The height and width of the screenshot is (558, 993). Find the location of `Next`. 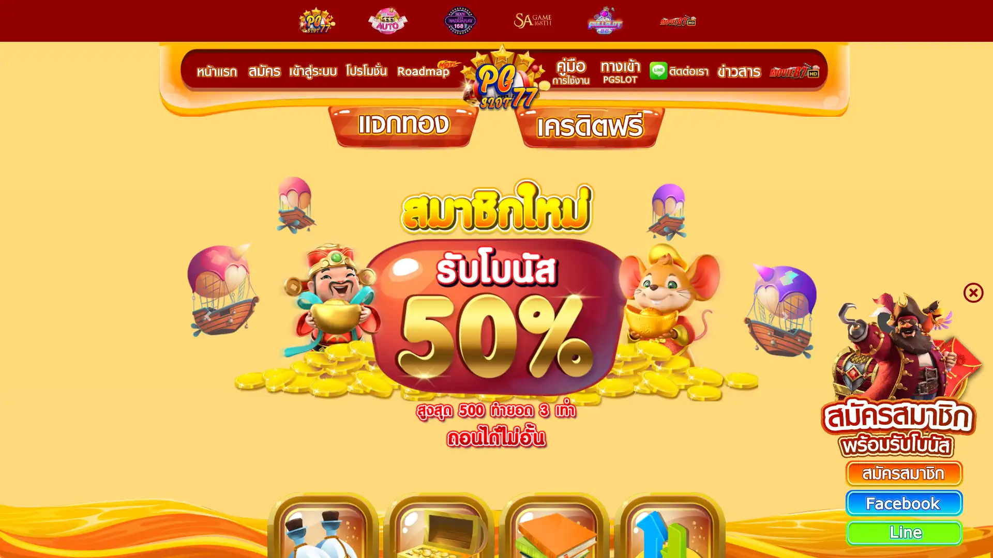

Next is located at coordinates (785, 315).